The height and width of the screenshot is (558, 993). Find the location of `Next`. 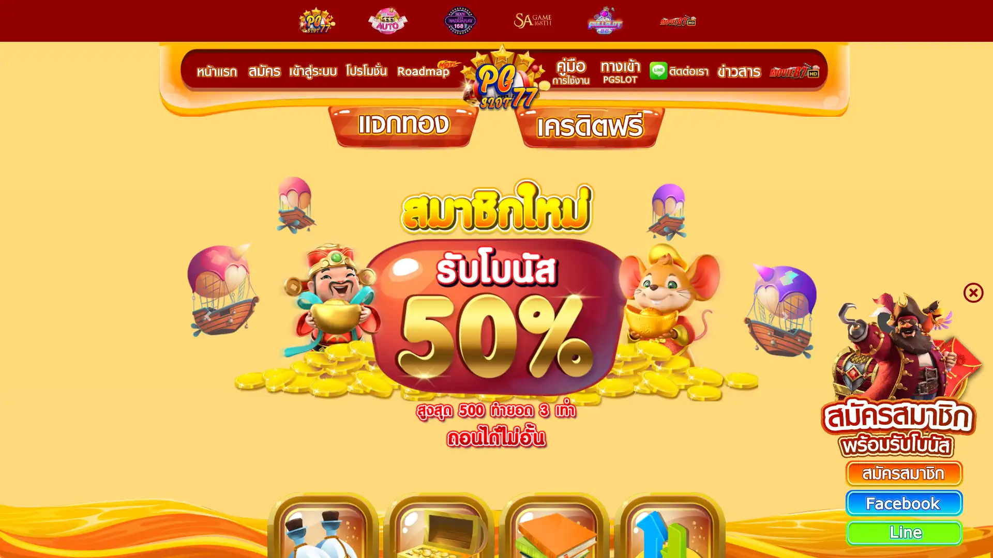

Next is located at coordinates (785, 315).